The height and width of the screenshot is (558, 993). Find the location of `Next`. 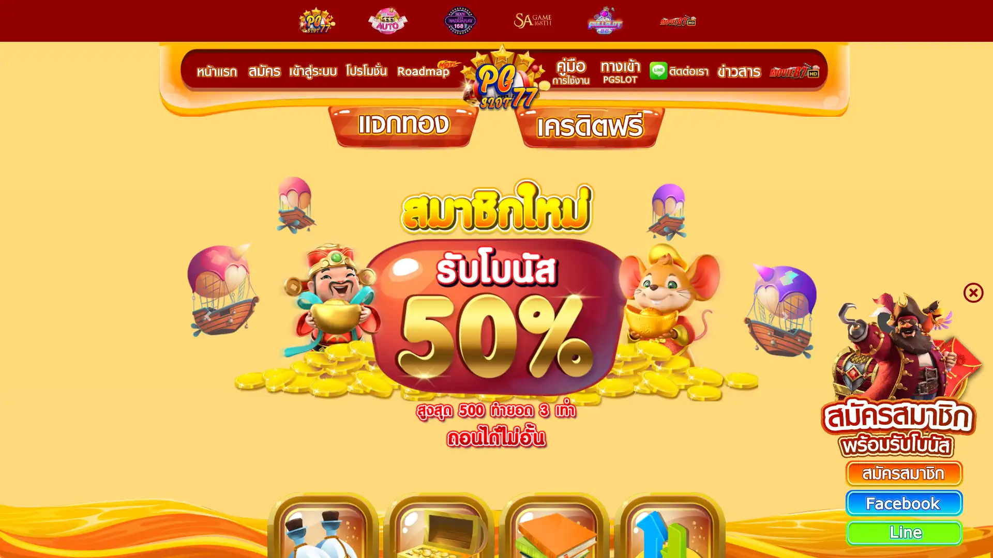

Next is located at coordinates (785, 315).